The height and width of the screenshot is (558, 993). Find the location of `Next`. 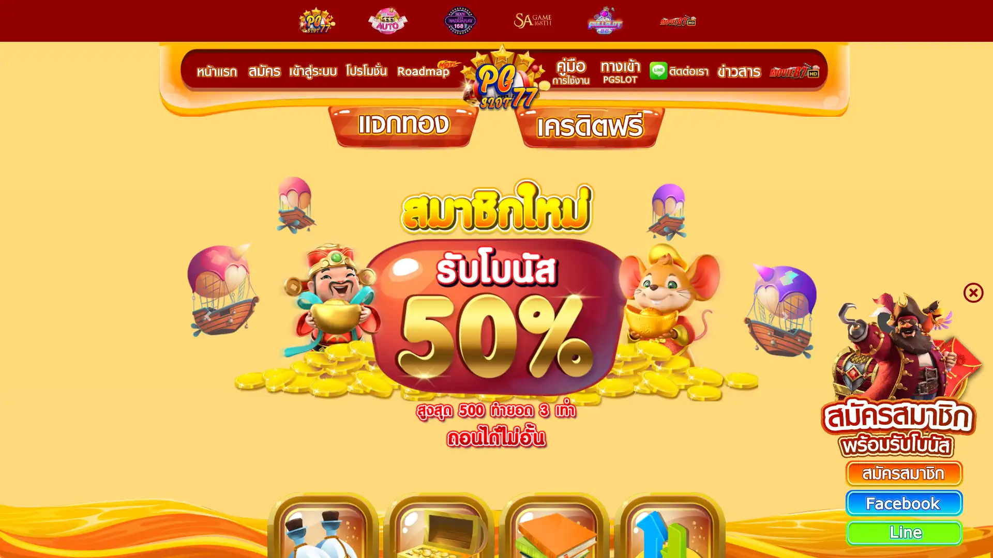

Next is located at coordinates (785, 315).